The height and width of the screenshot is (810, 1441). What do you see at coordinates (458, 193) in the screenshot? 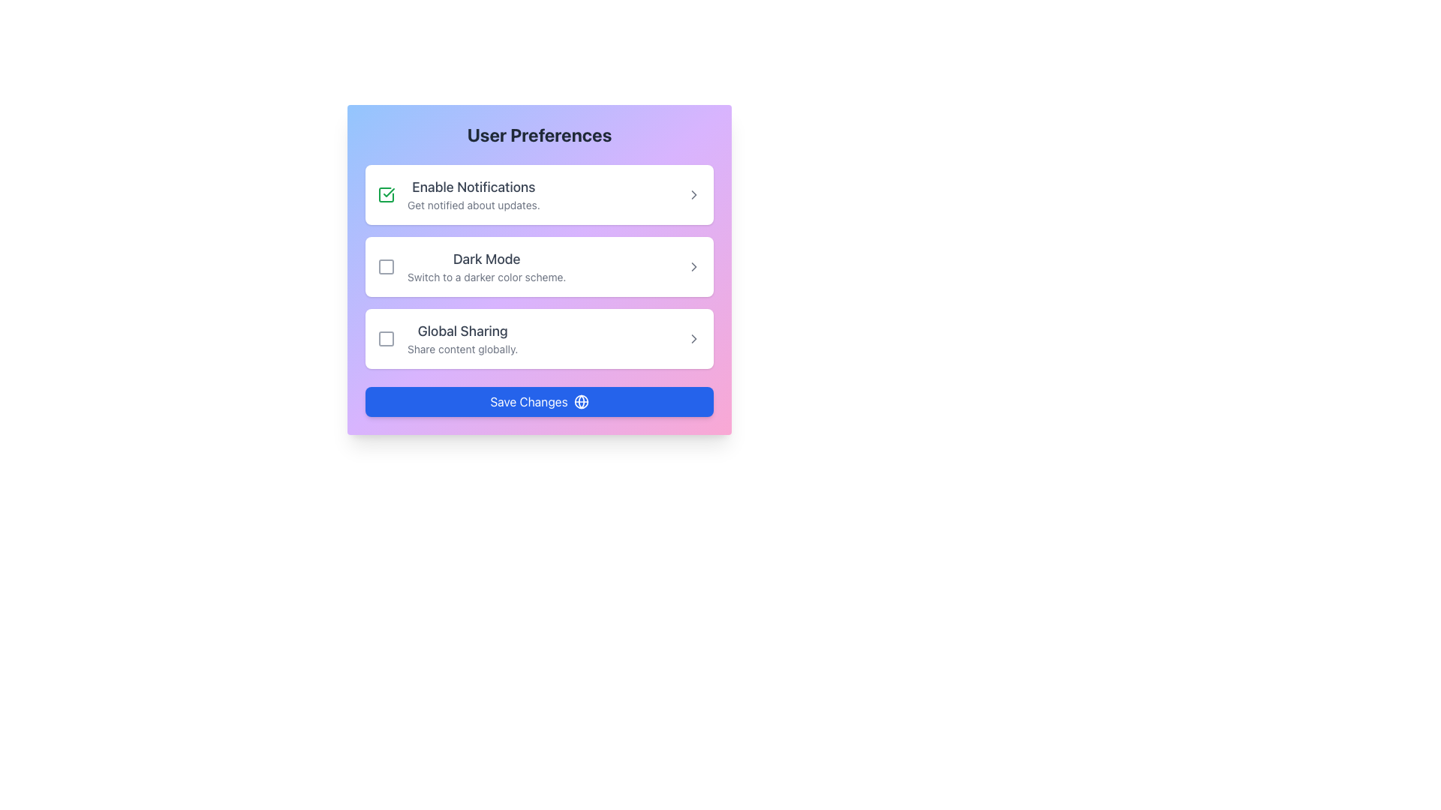
I see `the 'Enable Notifications' checkbox text` at bounding box center [458, 193].